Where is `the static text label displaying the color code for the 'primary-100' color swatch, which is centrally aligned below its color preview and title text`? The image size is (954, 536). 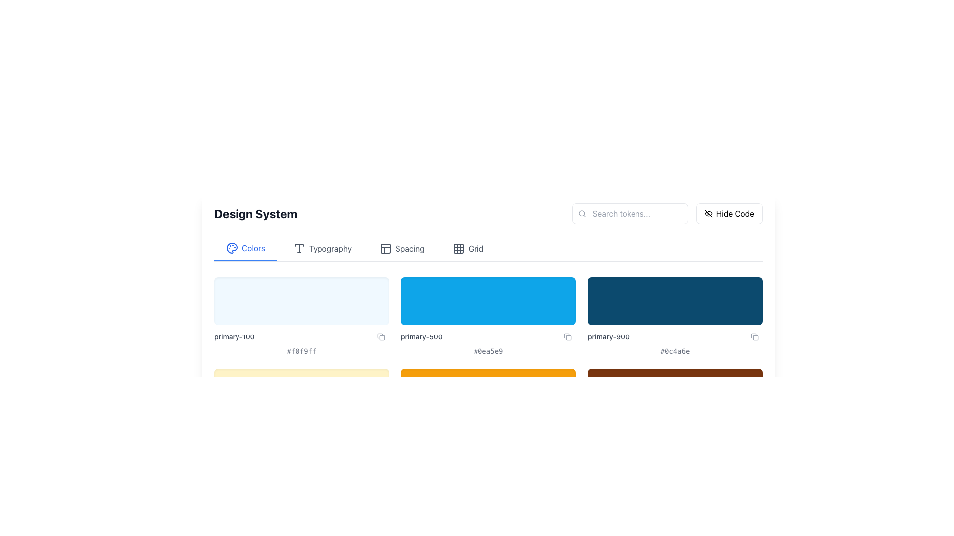 the static text label displaying the color code for the 'primary-100' color swatch, which is centrally aligned below its color preview and title text is located at coordinates (301, 351).